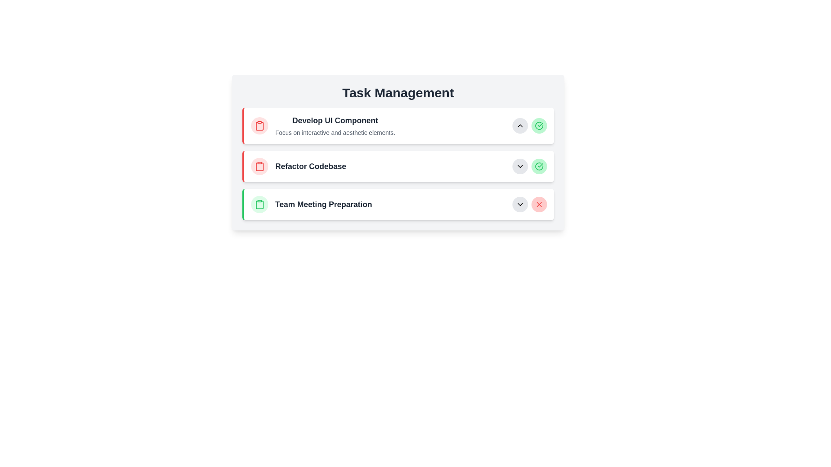 The height and width of the screenshot is (467, 831). What do you see at coordinates (311, 205) in the screenshot?
I see `the 'Team Meeting Preparation' task list item, which includes an icon and a title label` at bounding box center [311, 205].